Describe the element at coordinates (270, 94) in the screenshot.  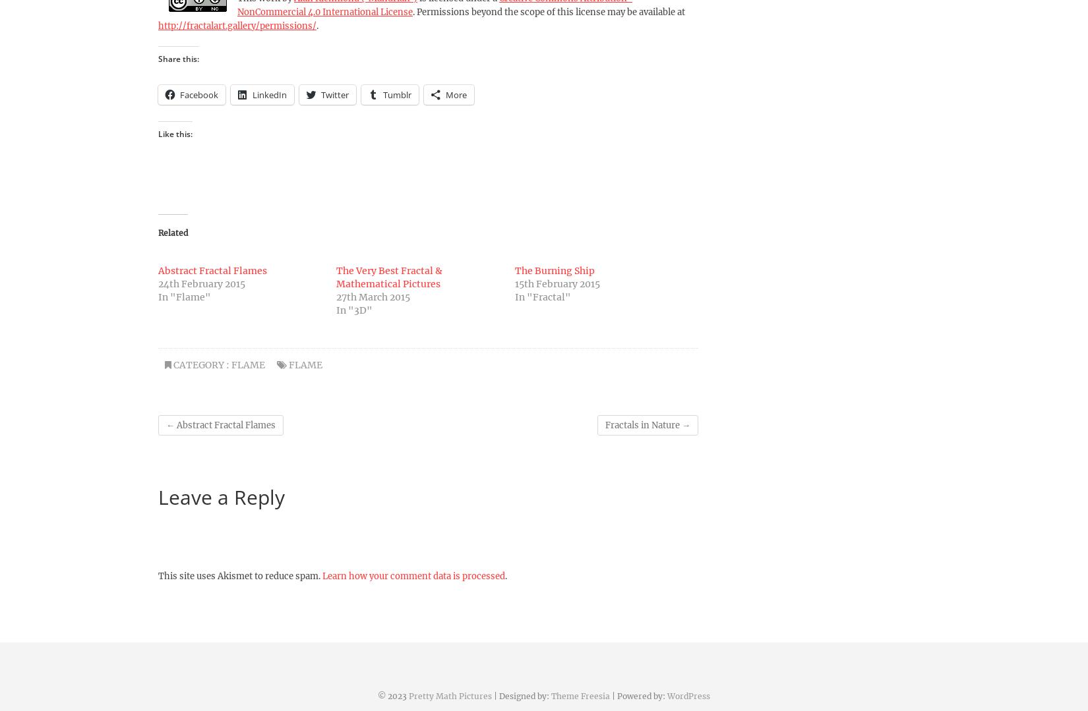
I see `'LinkedIn'` at that location.